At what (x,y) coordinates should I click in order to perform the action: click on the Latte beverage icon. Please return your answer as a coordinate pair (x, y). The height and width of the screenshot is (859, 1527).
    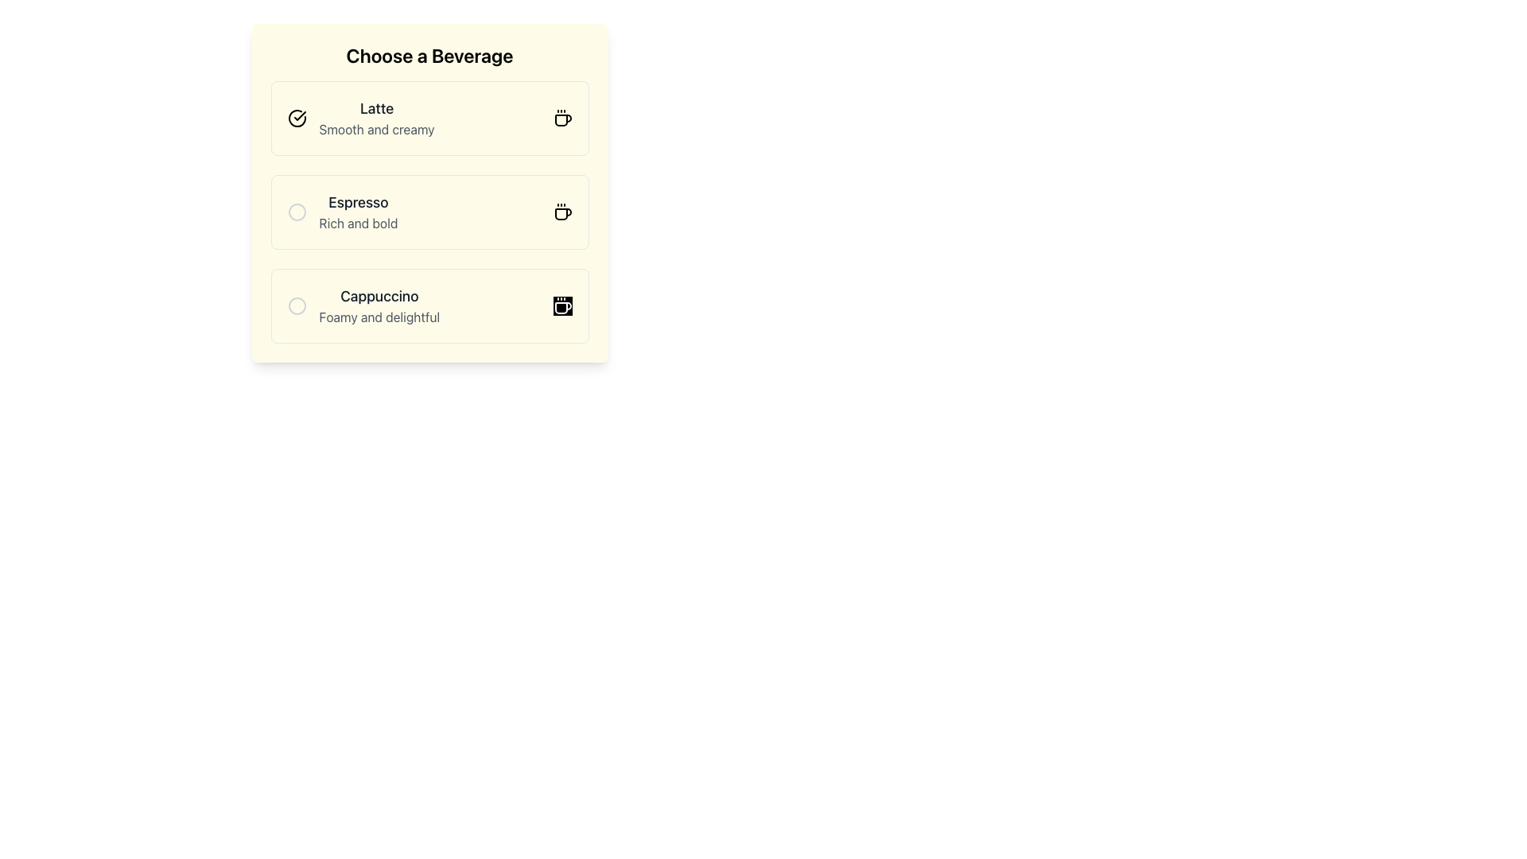
    Looking at the image, I should click on (562, 118).